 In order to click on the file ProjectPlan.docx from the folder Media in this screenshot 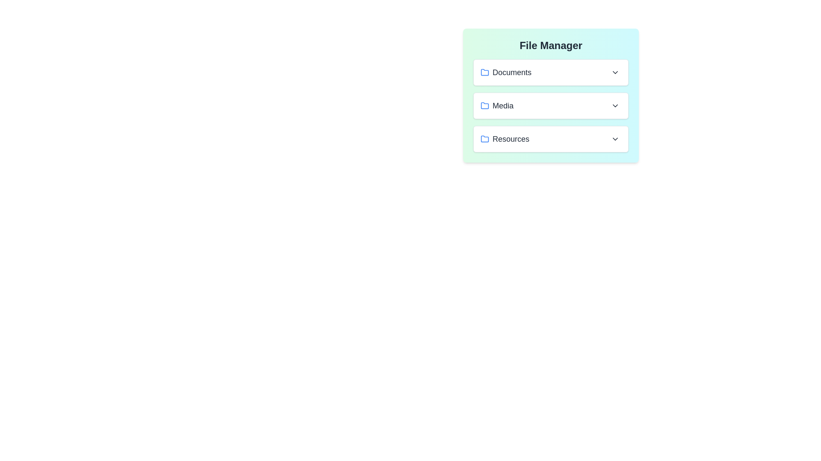, I will do `click(551, 105)`.